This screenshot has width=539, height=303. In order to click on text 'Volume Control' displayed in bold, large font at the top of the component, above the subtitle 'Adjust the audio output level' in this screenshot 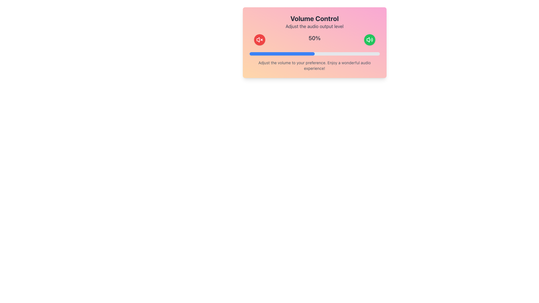, I will do `click(314, 18)`.